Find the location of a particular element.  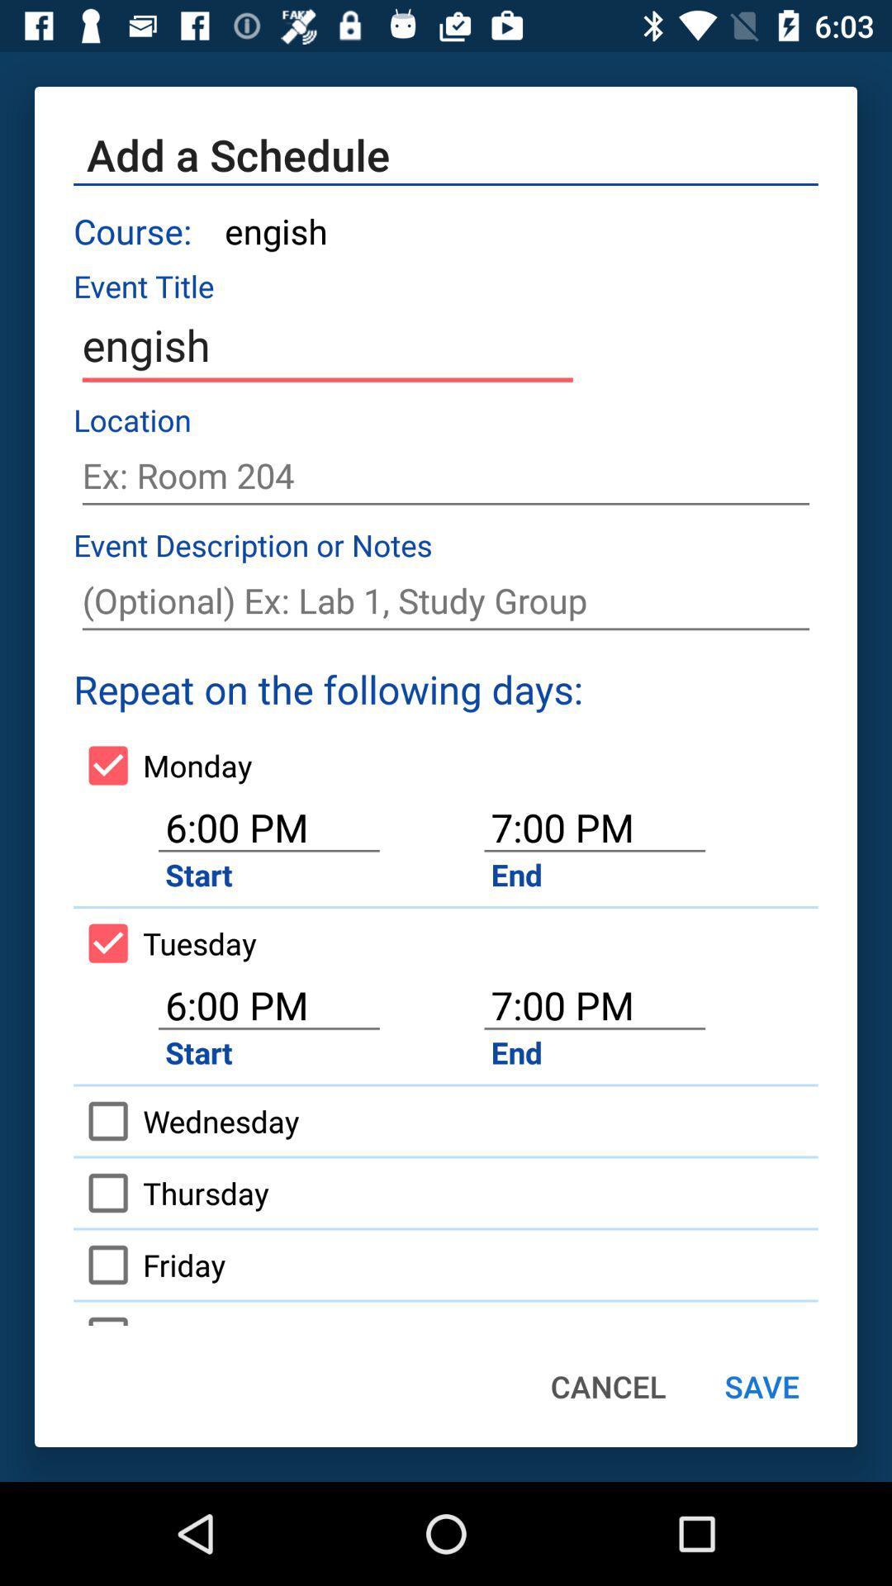

the item next to save item is located at coordinates (608, 1386).